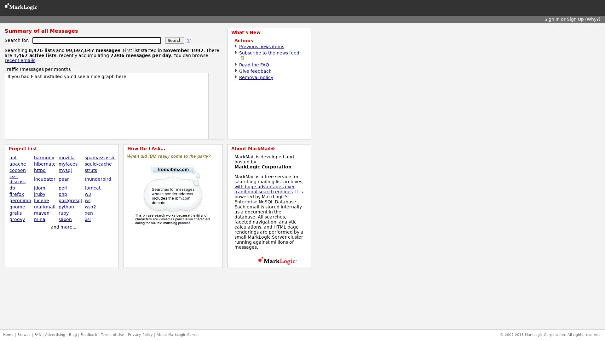 The image size is (605, 340). What do you see at coordinates (174, 40) in the screenshot?
I see `Search` at bounding box center [174, 40].